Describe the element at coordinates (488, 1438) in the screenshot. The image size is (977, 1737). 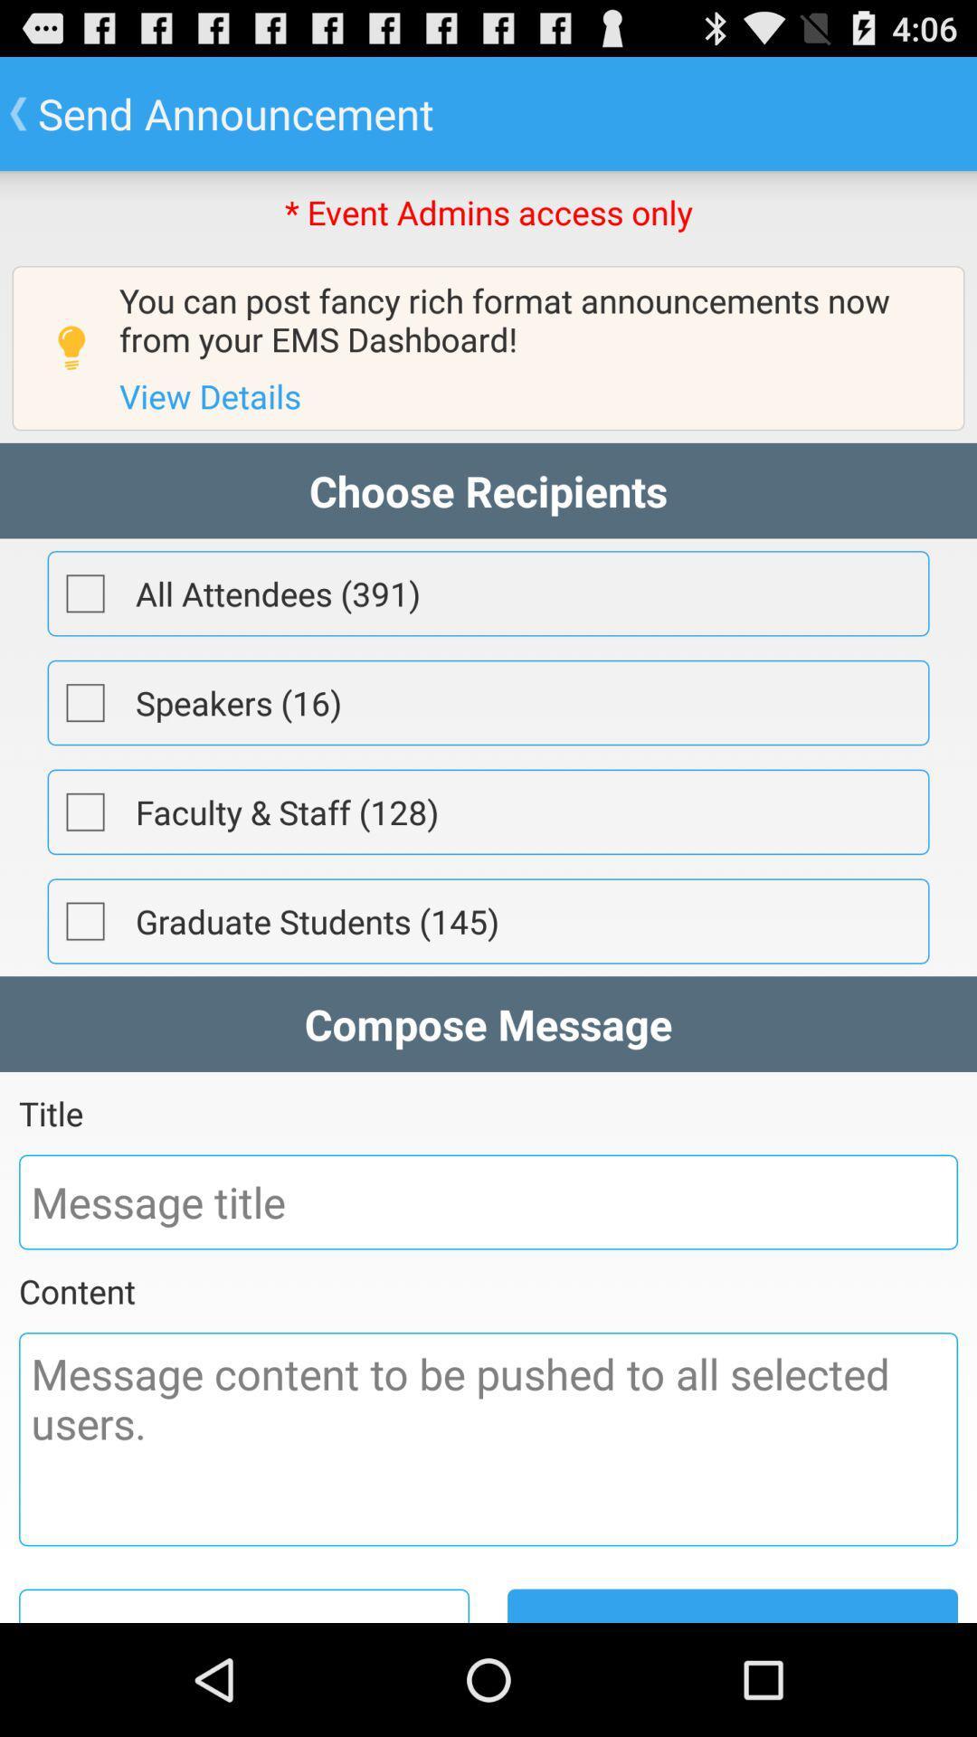
I see `type out message` at that location.